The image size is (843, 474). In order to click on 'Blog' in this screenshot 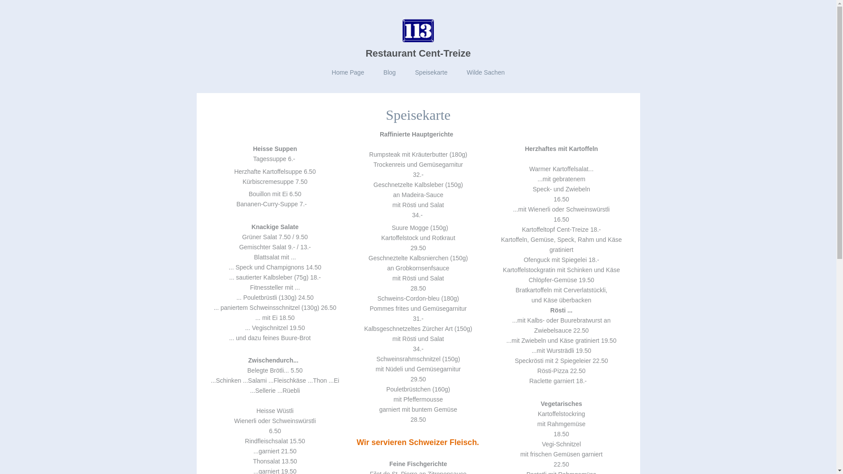, I will do `click(389, 72)`.